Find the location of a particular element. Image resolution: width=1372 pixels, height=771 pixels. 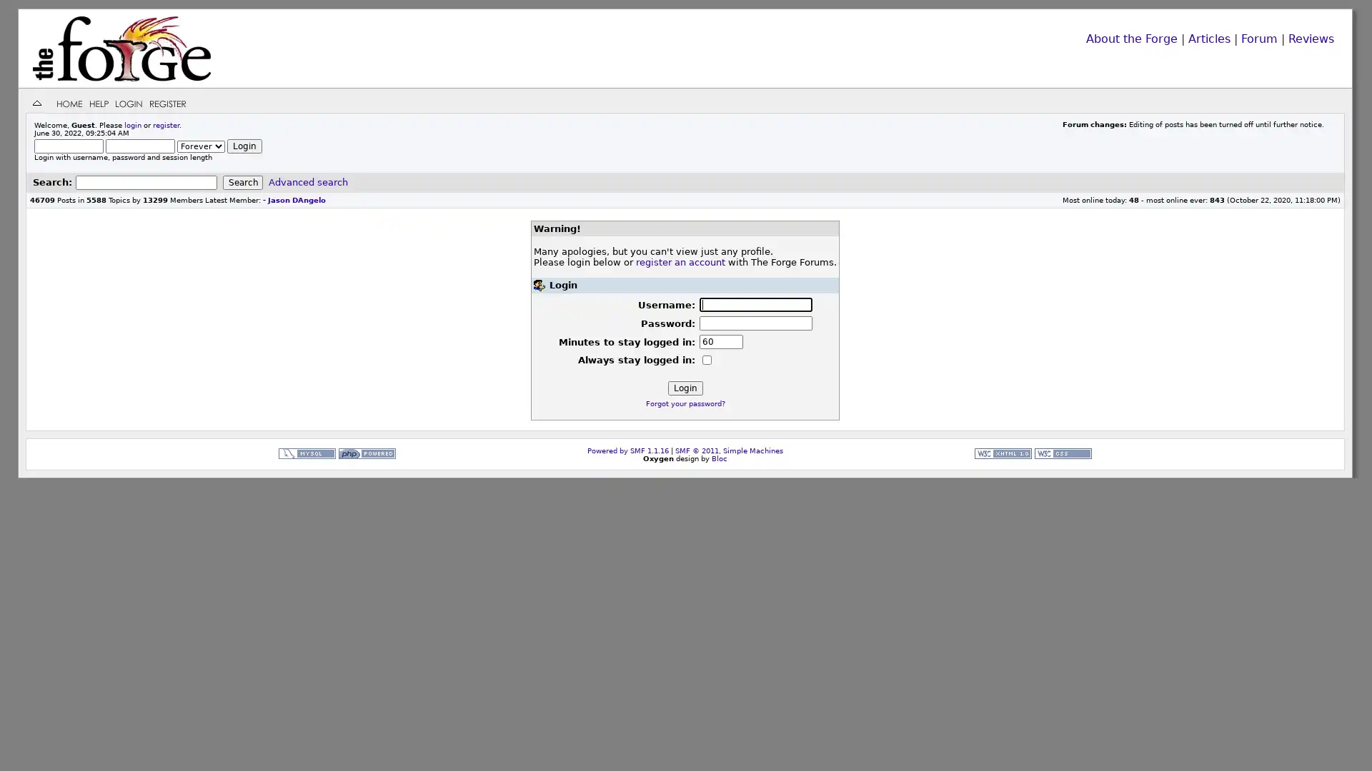

Login is located at coordinates (244, 146).